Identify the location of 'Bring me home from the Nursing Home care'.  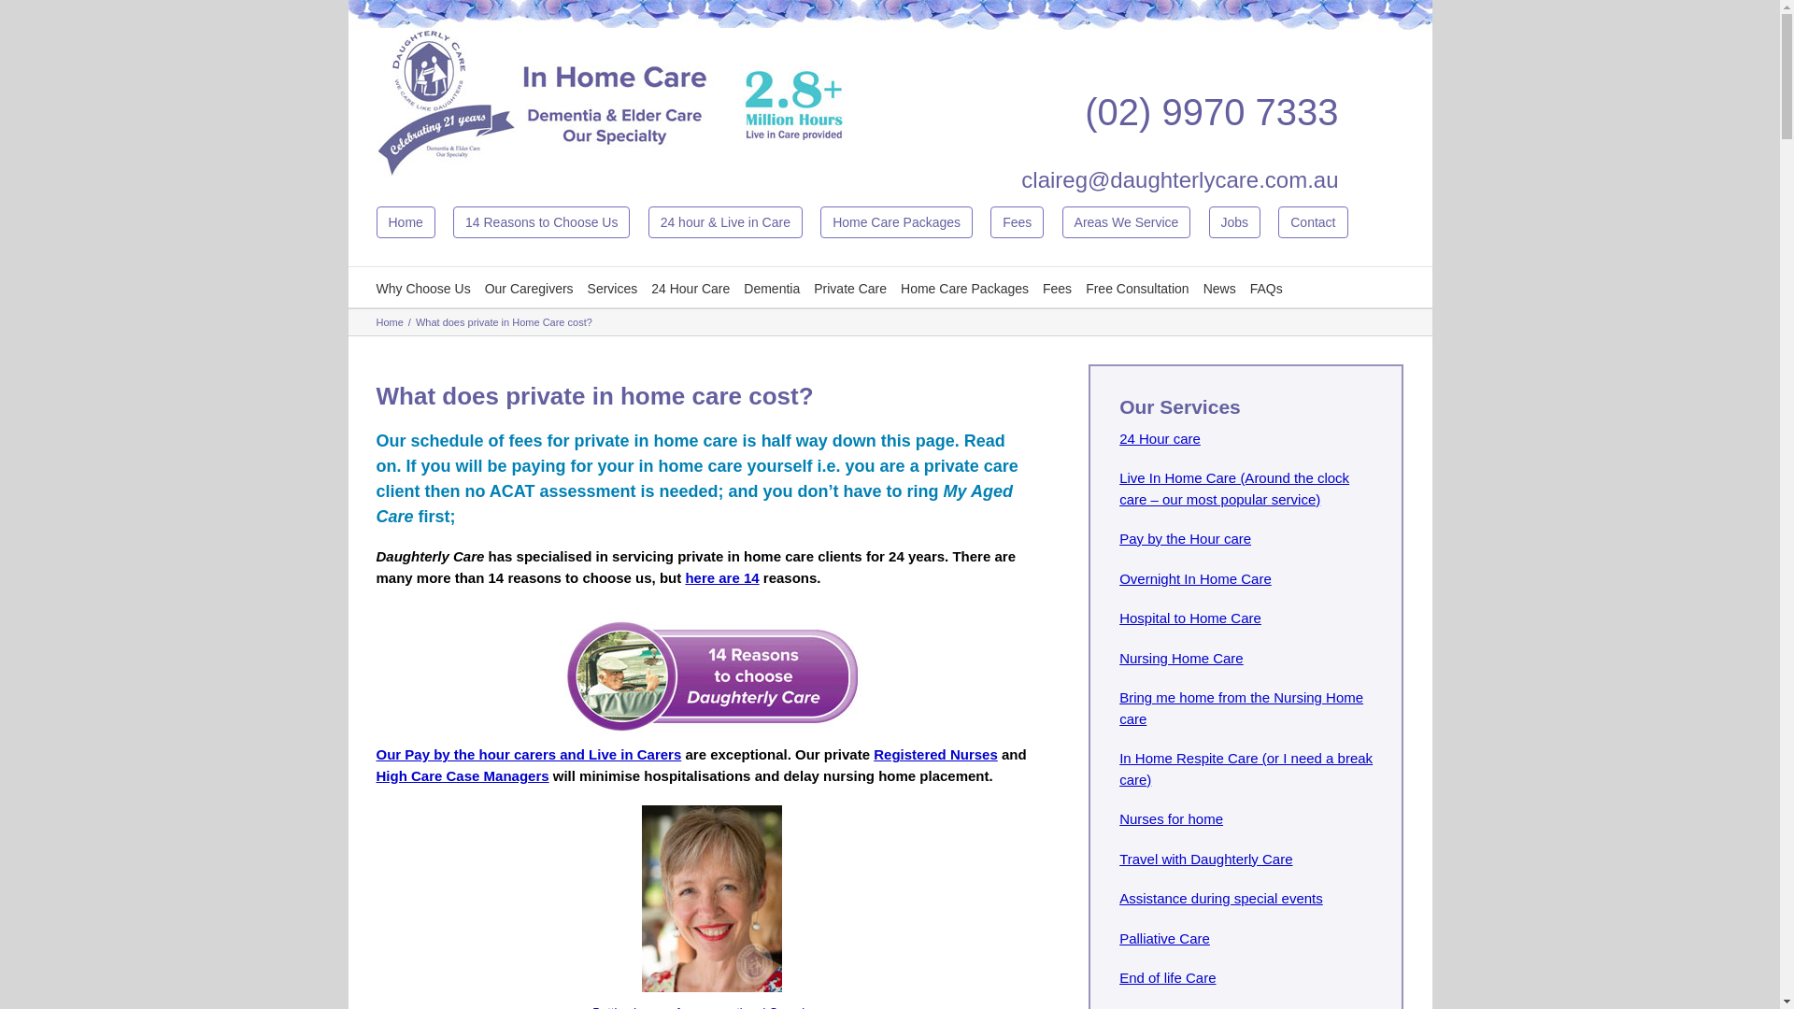
(1241, 708).